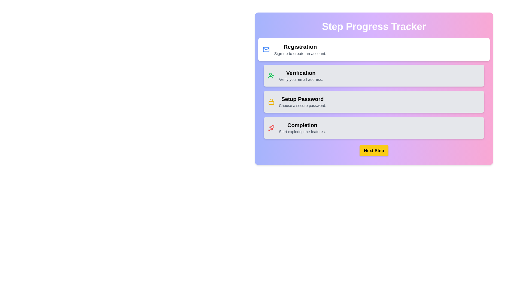 This screenshot has width=523, height=294. I want to click on the bold text label 'Setup Password', which is styled with the font class 'text-xl font-bold' and is displayed in black color on a light background, so click(302, 99).